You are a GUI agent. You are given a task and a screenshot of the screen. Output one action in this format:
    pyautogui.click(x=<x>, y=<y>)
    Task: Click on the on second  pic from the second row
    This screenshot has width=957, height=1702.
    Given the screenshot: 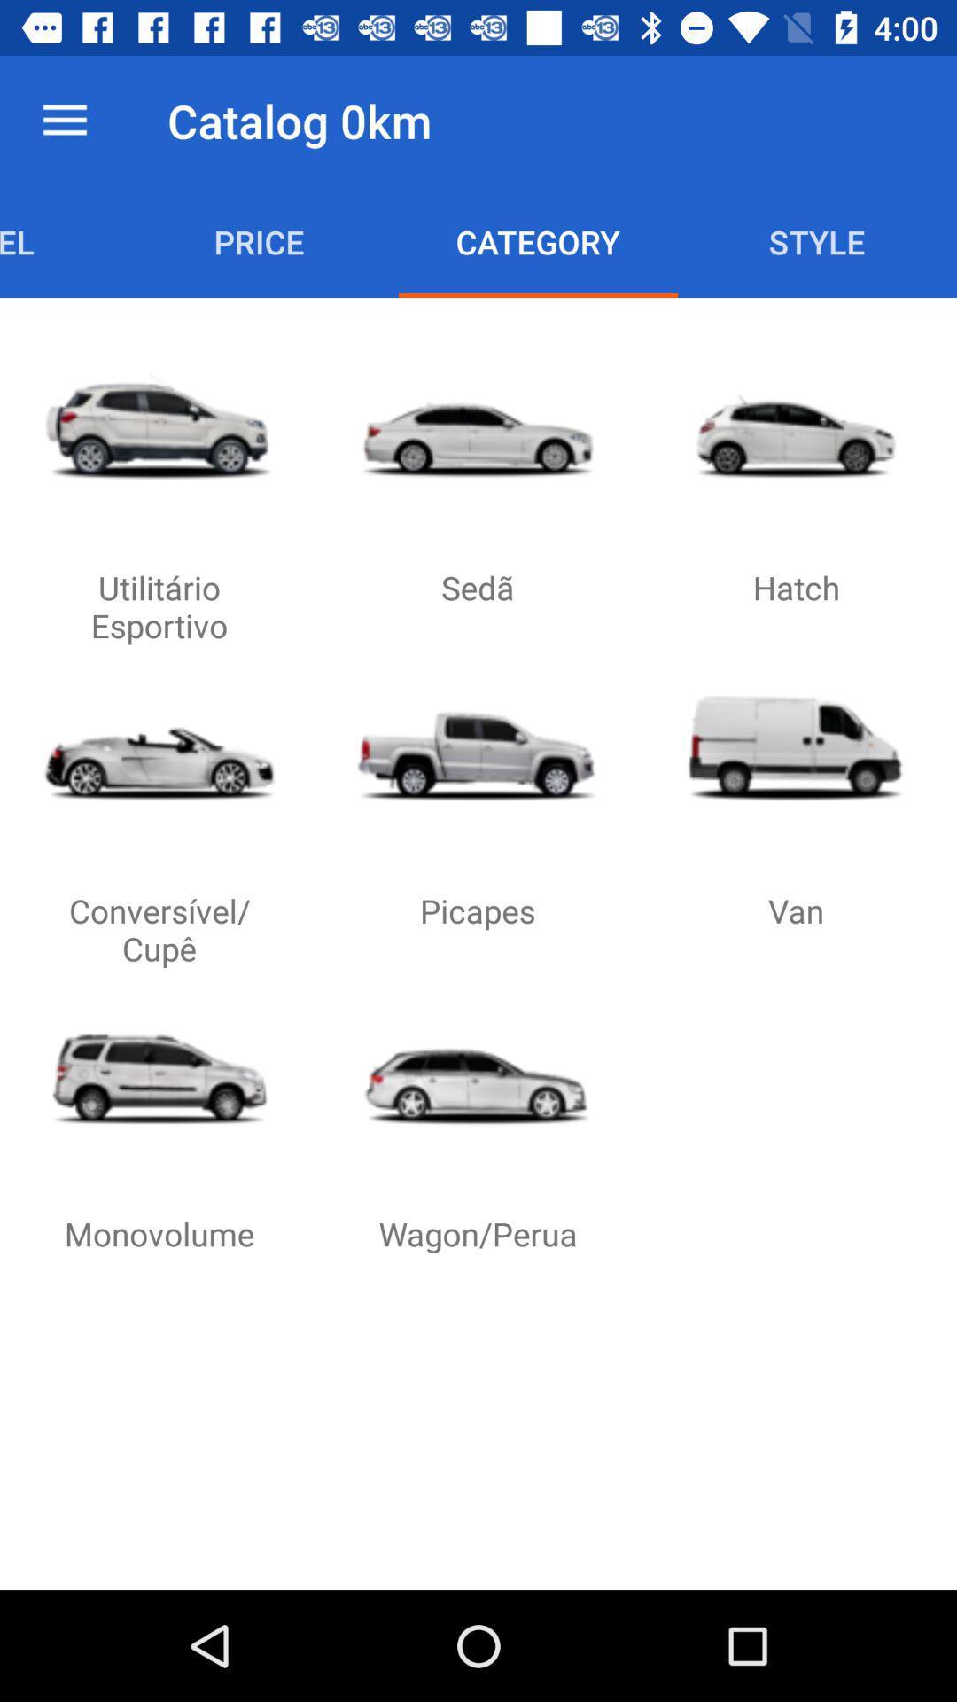 What is the action you would take?
    pyautogui.click(x=477, y=748)
    